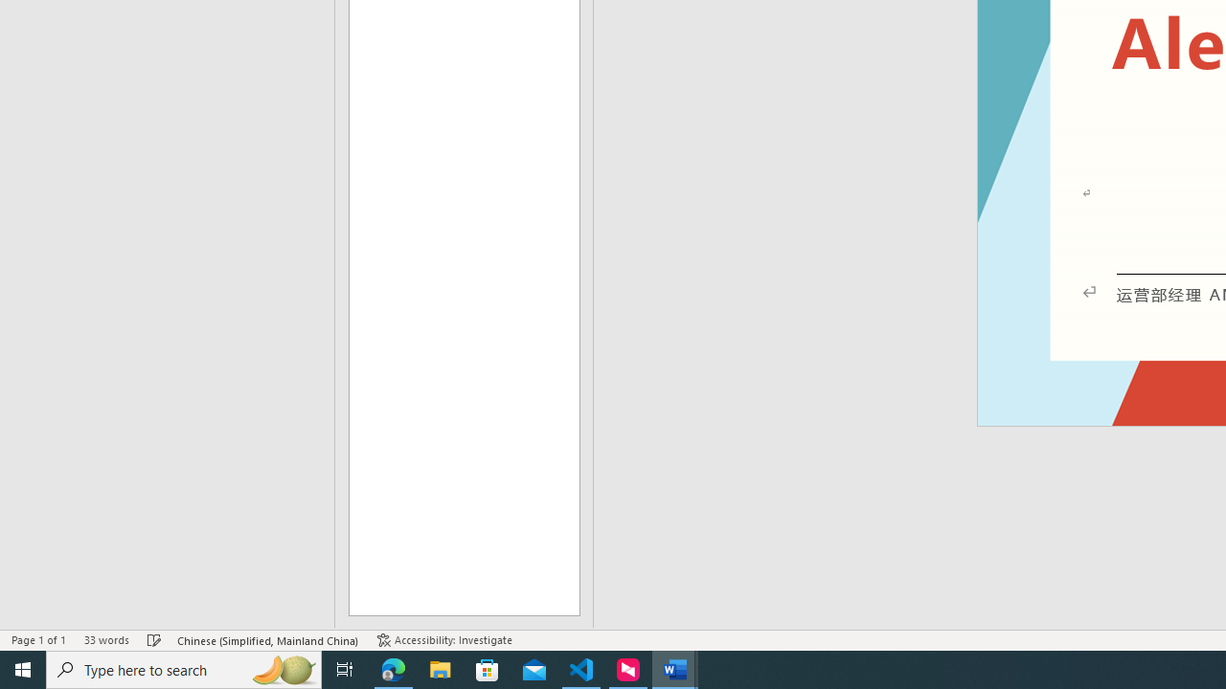 The image size is (1226, 689). Describe the element at coordinates (38, 640) in the screenshot. I see `'Page Number Page 1 of 1'` at that location.